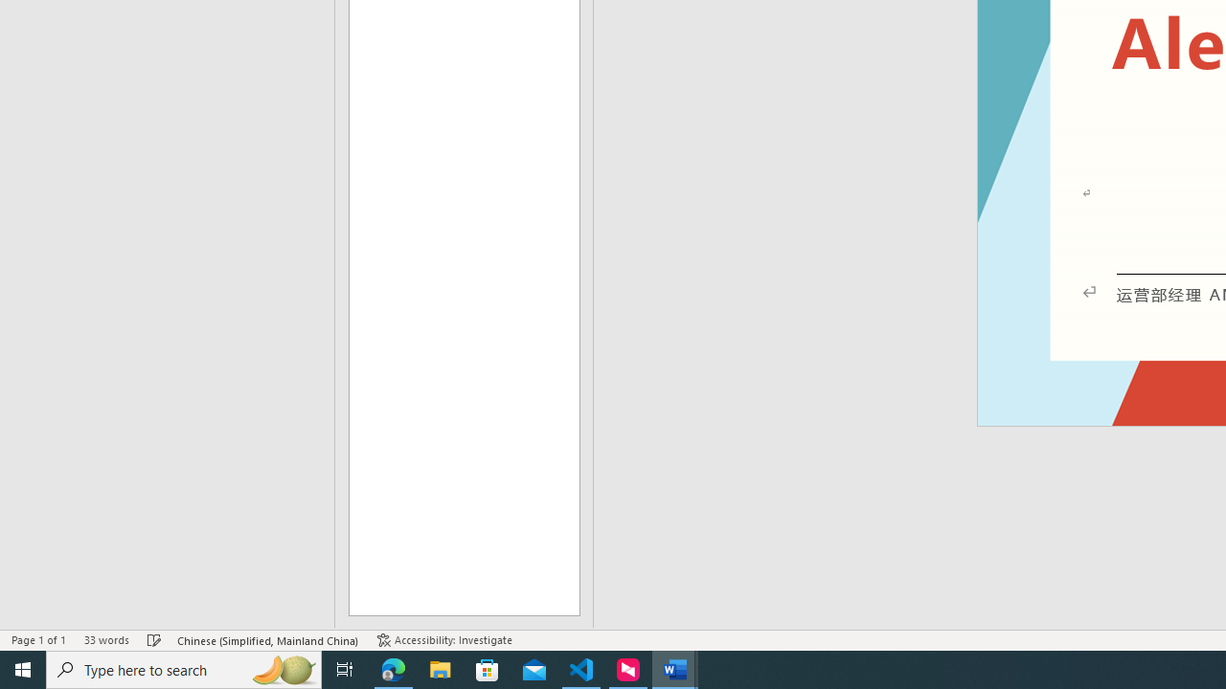 The image size is (1226, 689). Describe the element at coordinates (38, 640) in the screenshot. I see `'Page Number Page 1 of 1'` at that location.